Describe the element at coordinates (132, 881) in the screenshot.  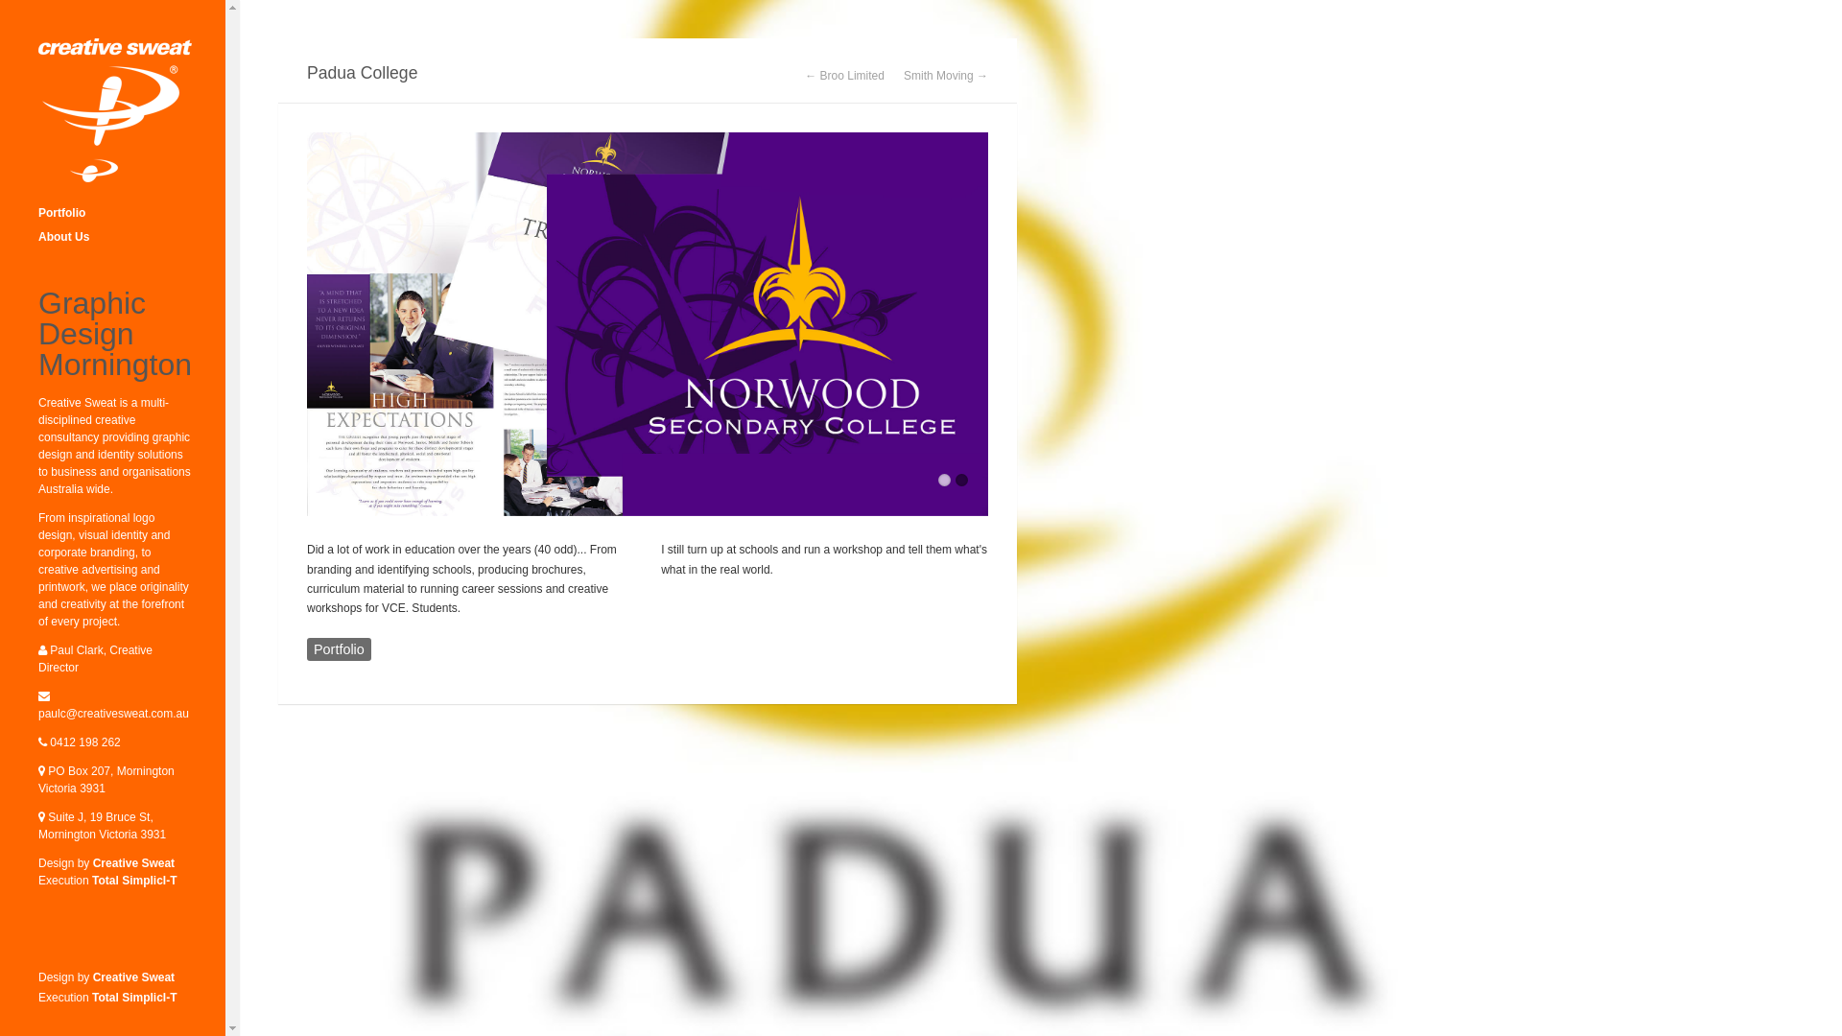
I see `'Total SimplicI-T'` at that location.